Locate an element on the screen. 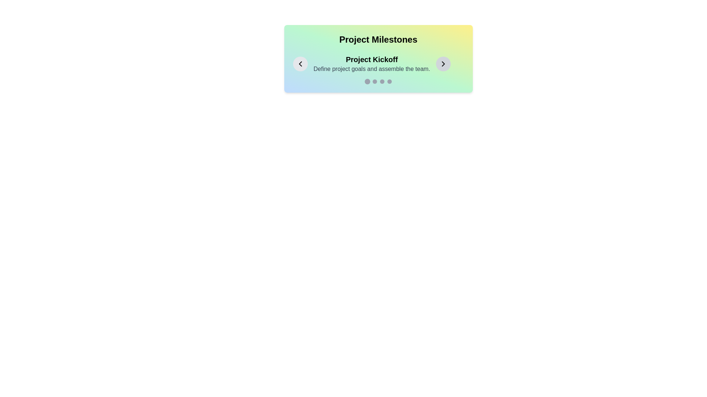 The image size is (707, 397). the small circular button located below the heading 'Project Kickoff' is located at coordinates (382, 82).